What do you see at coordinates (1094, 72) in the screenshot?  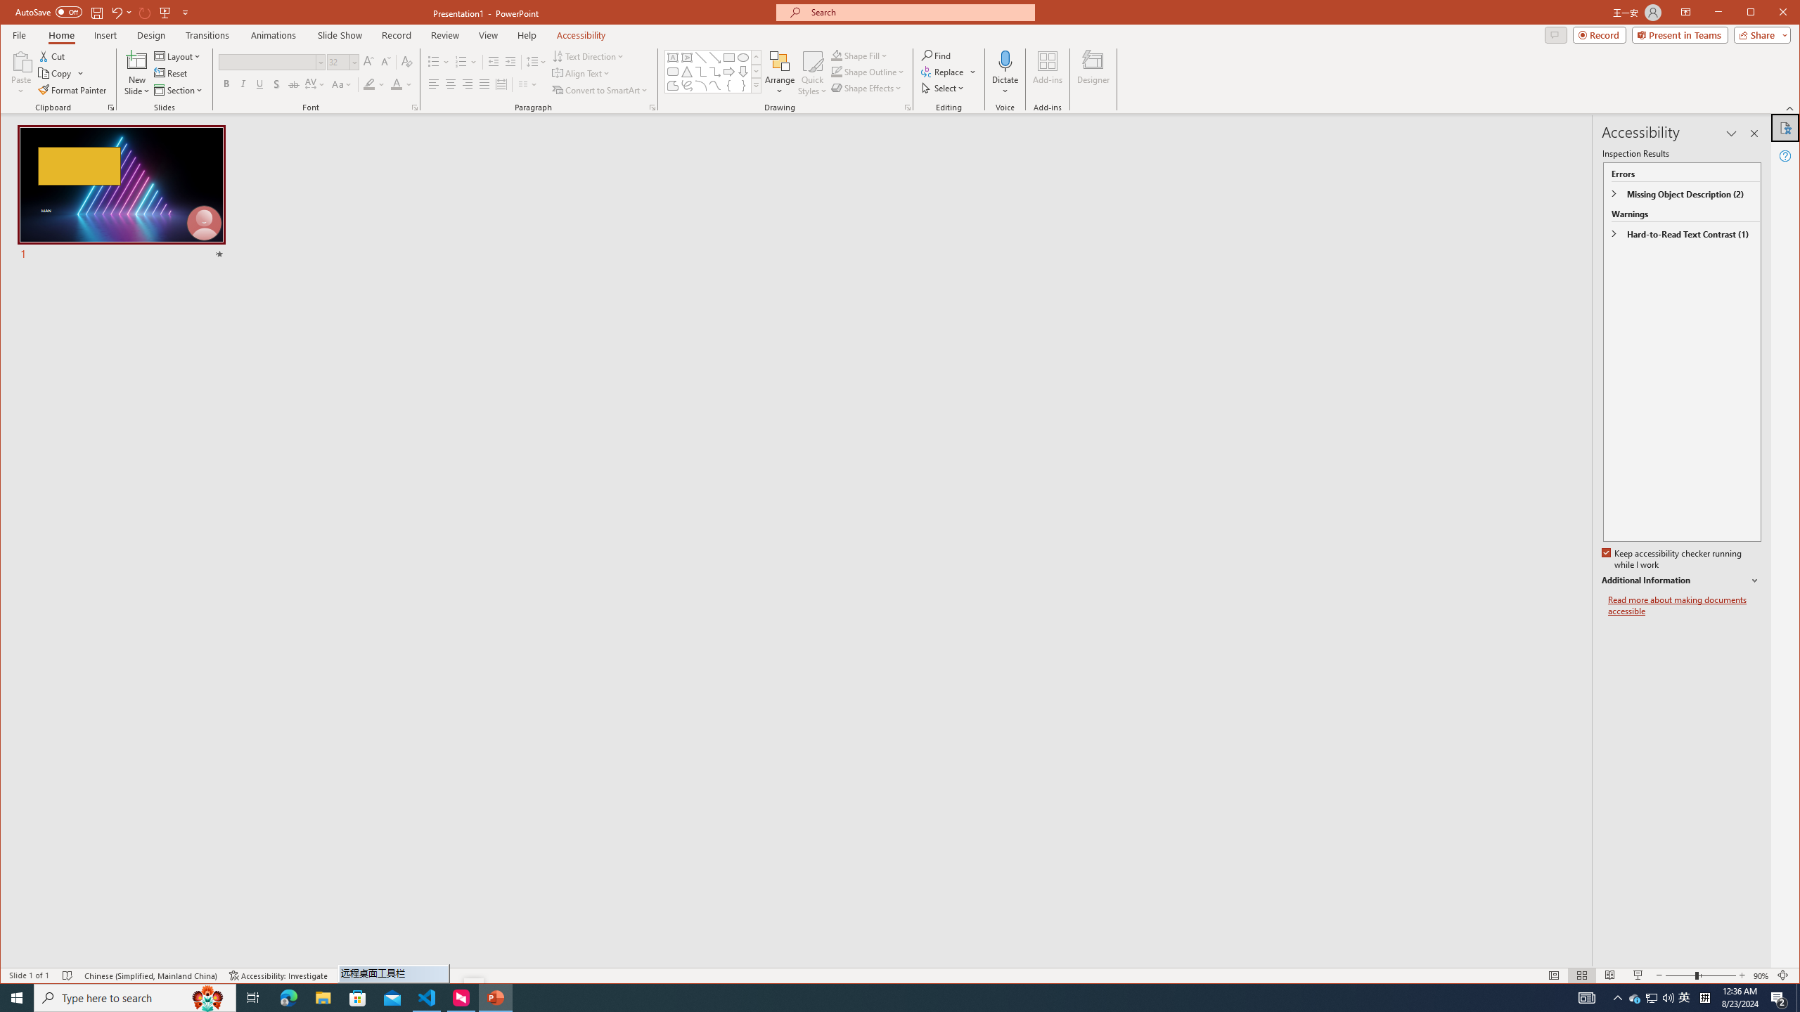 I see `'Designer'` at bounding box center [1094, 72].